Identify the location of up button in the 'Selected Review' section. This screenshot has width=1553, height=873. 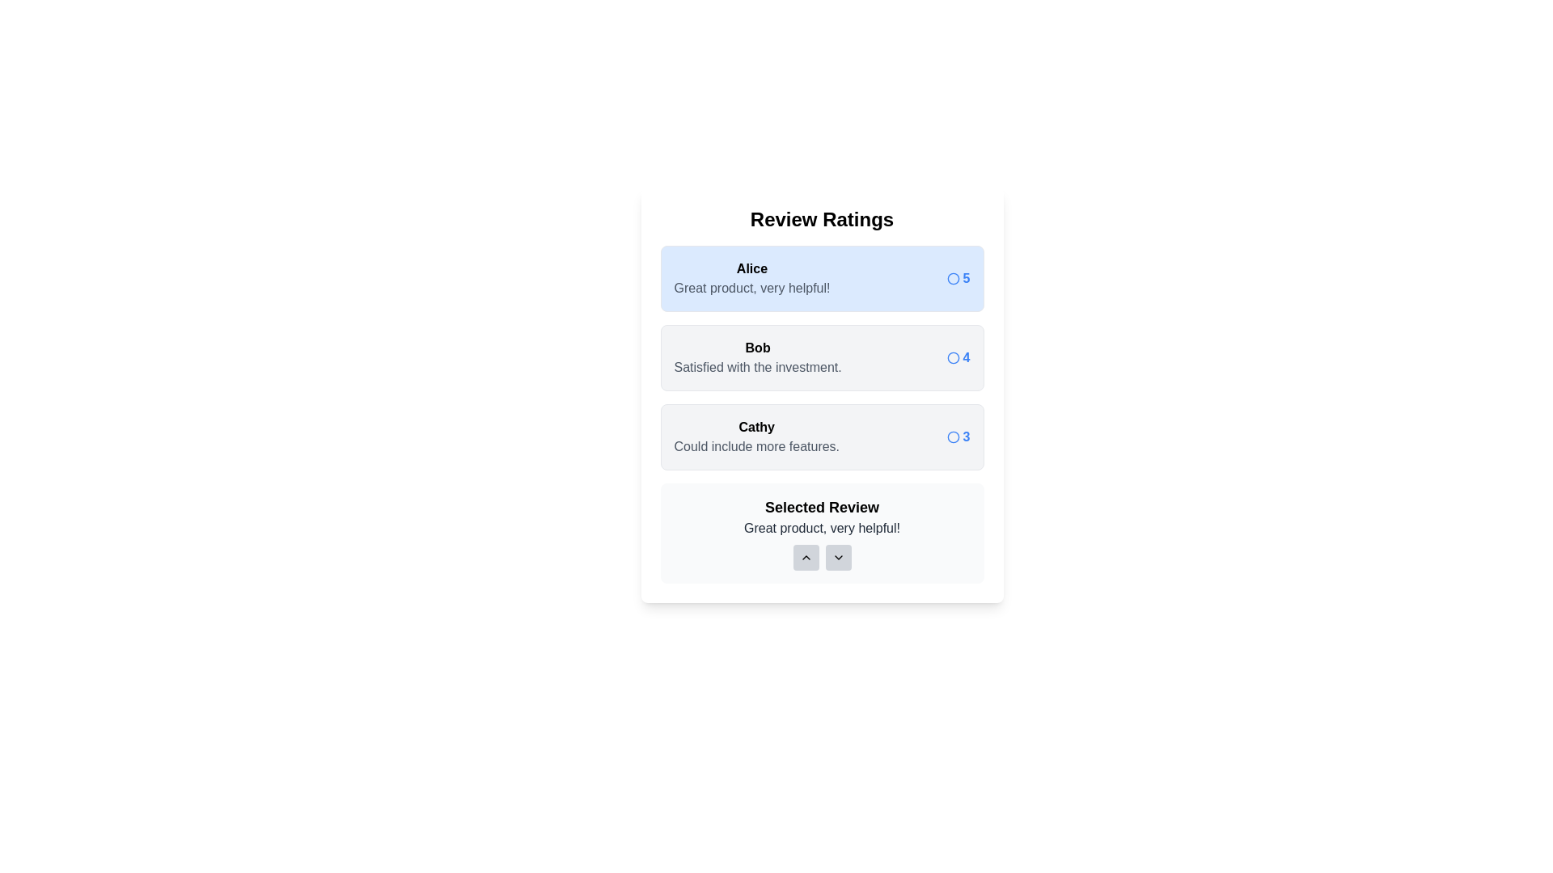
(806, 557).